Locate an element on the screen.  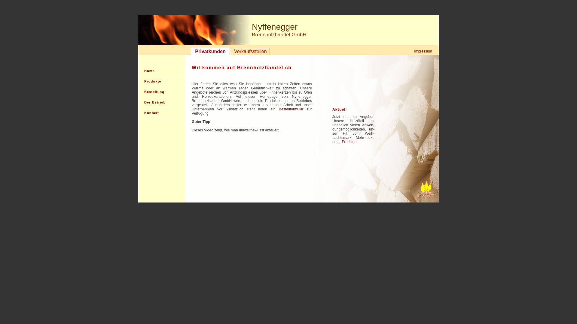
'Impressum' is located at coordinates (423, 51).